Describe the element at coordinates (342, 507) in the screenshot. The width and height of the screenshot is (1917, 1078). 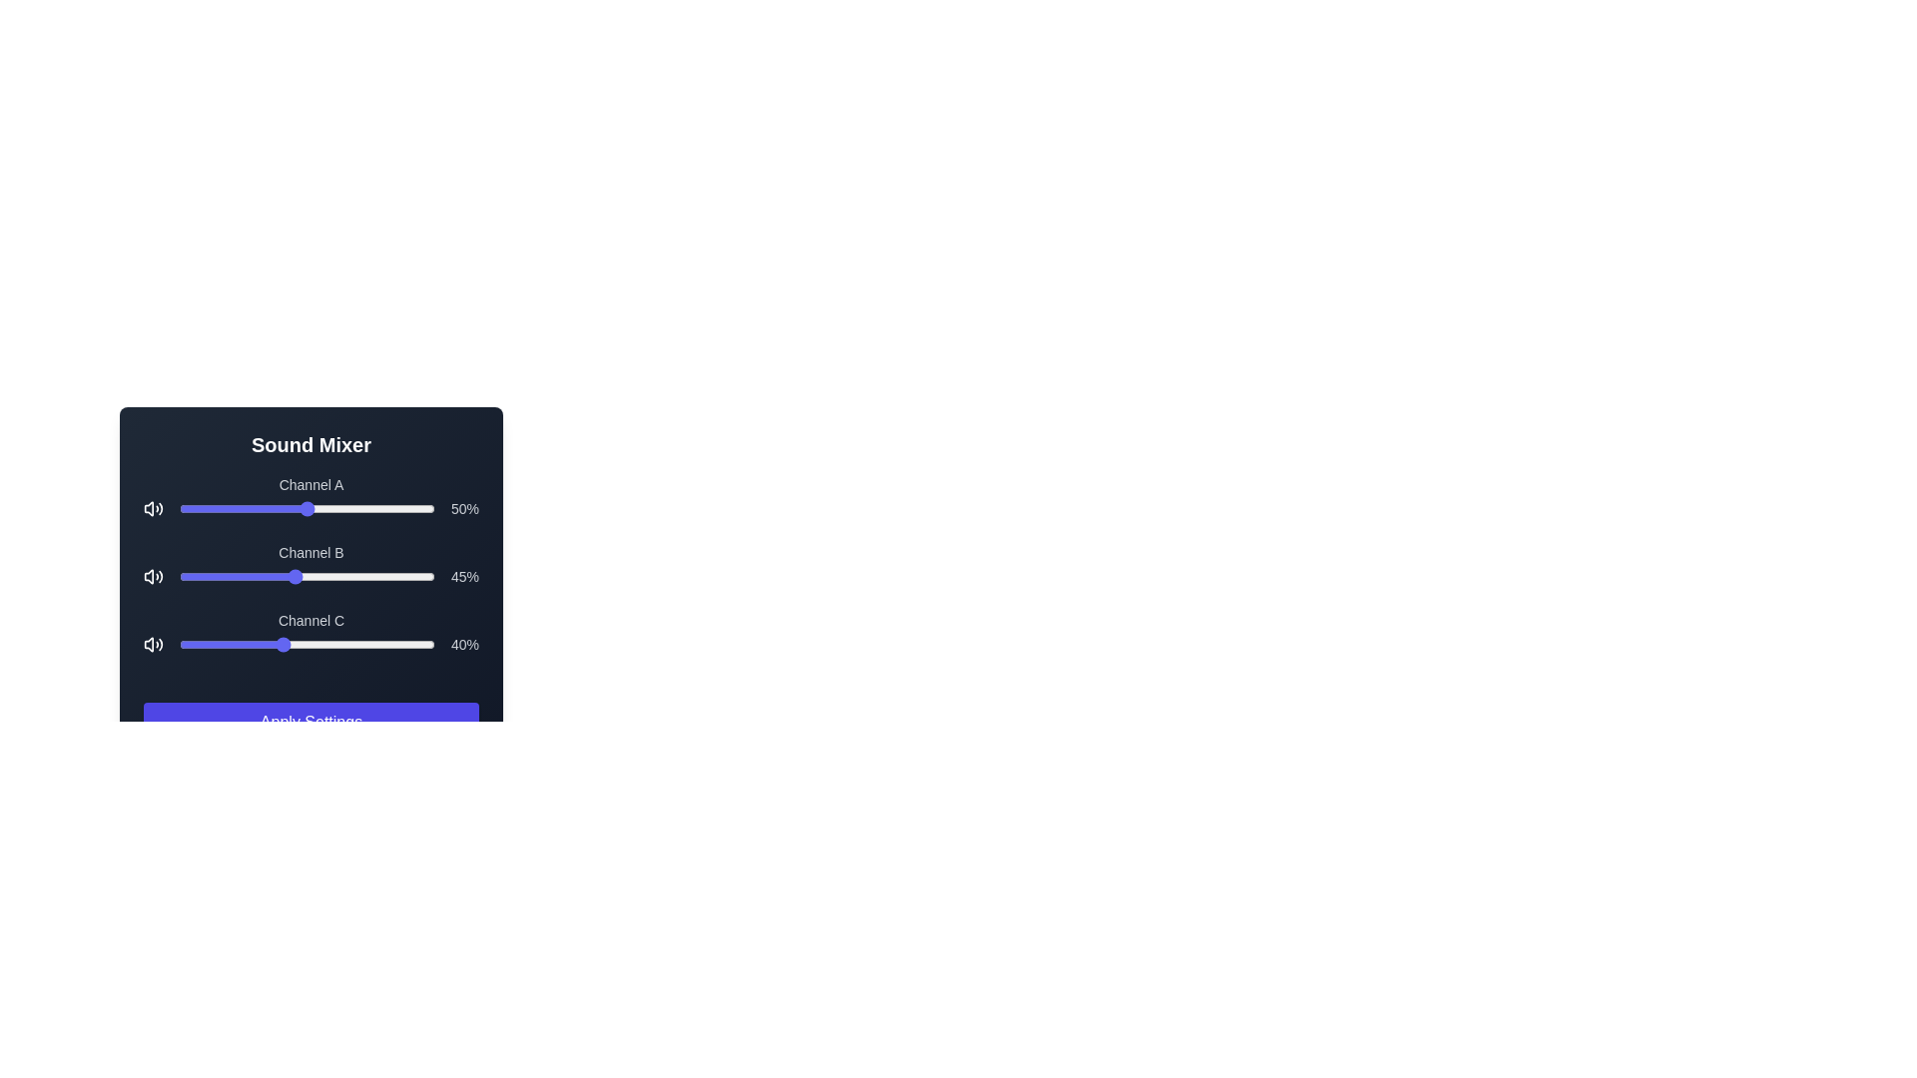
I see `Channel A volume` at that location.